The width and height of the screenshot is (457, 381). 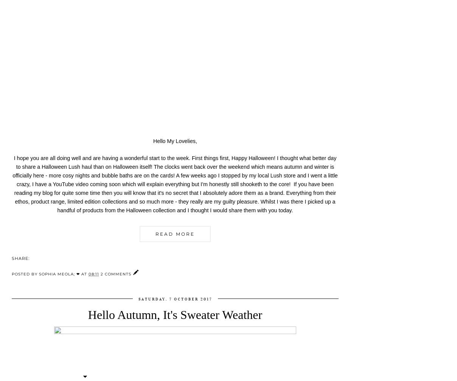 I want to click on 'I hope you are all doing well and are having a wonderful start to the week. First things first, Happy Halloween! I thought what better day to share a Halloween Lush haul than on Halloween itself! The clocks went back over the weekend which means autumn and winter is officially here - more cosy nights and bubble baths are on the cards! A few weeks ago I stopped by my local Lush store and I went a little crazy, I have a YouTube video coming soon which will explain everything but I'm honestly still shooketh to the core!  If you have been reading my blog for quite some time then you will know that it's no secret that I absolutely adore them as a brand. Everything from their ethos, product range, limited edition collections and so much more - they really are my guilty pleasure. Whilst I was there I picked up a handful of products from the Halloween collection and I thought I would share them with you today.', so click(x=175, y=184).